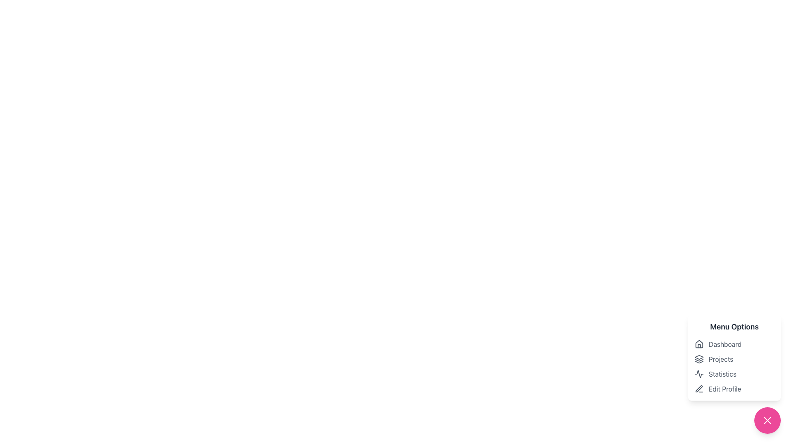 Image resolution: width=794 pixels, height=447 pixels. What do you see at coordinates (698, 388) in the screenshot?
I see `the SVG icon shaped like a pen or pencil located next to the 'Edit Profile' label in the bottom-right corner of the menu options section` at bounding box center [698, 388].